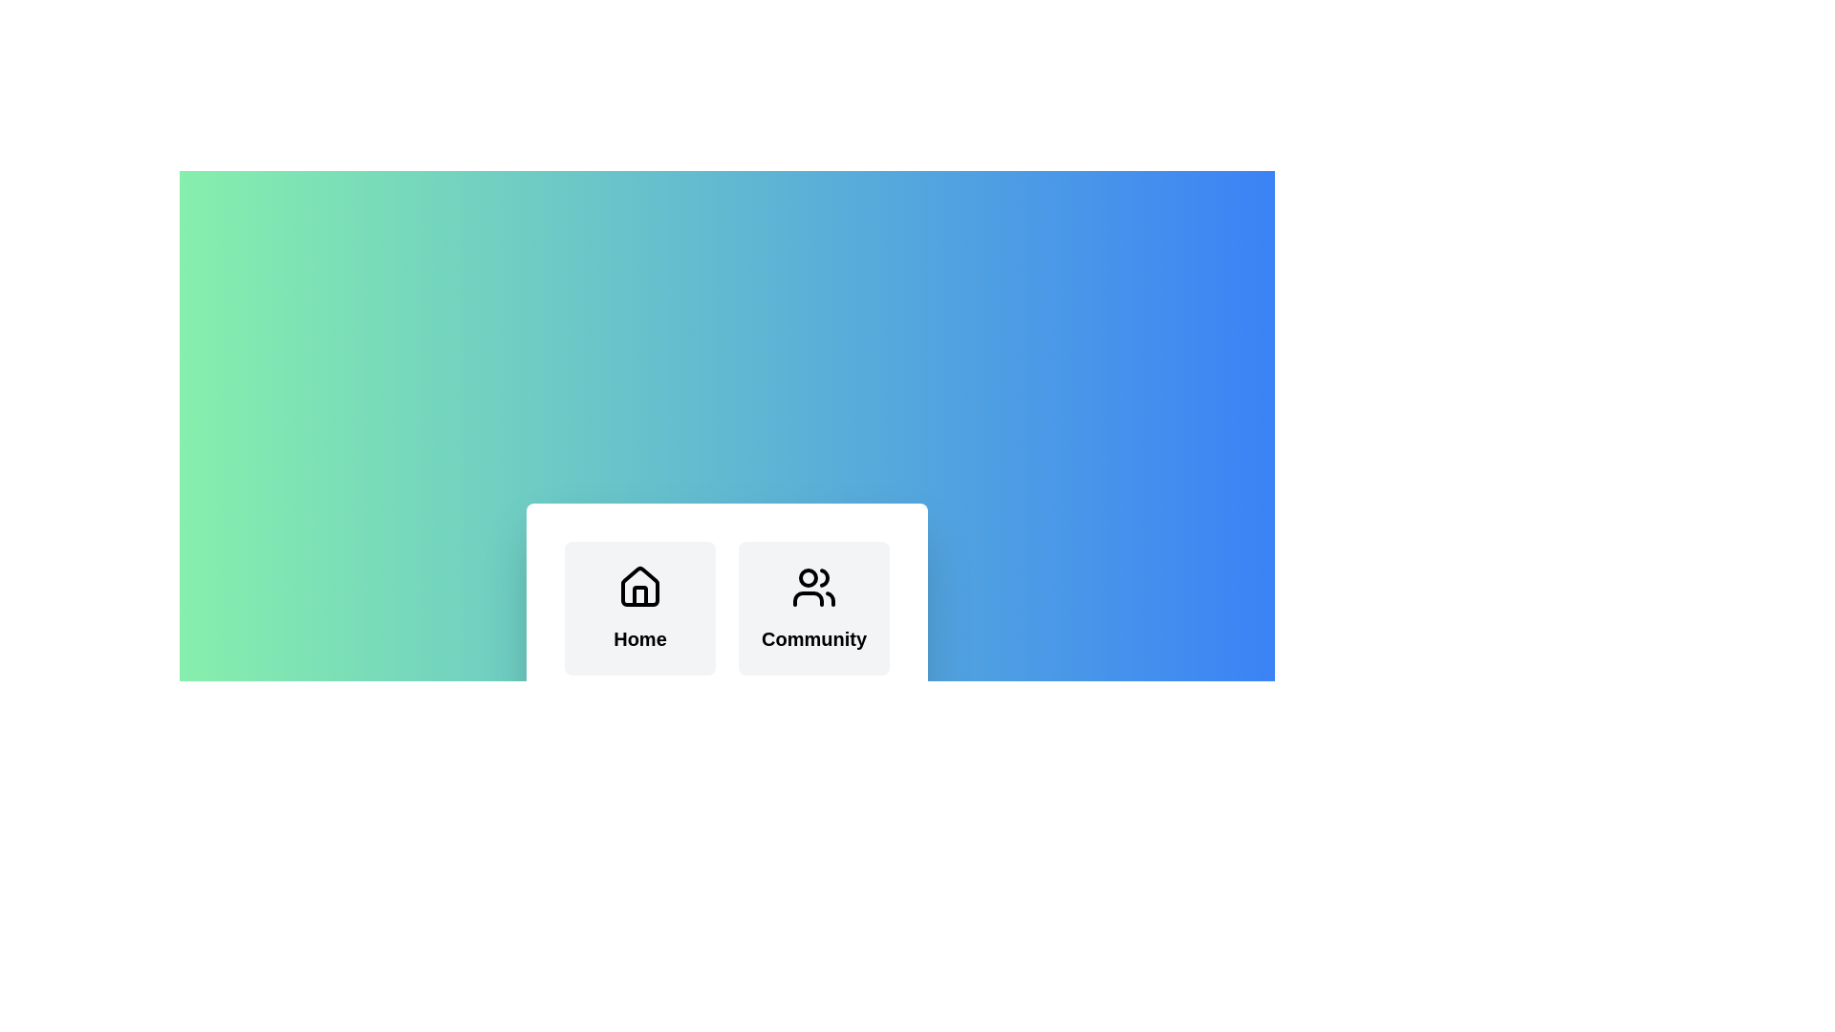 Image resolution: width=1835 pixels, height=1032 pixels. What do you see at coordinates (813, 608) in the screenshot?
I see `the community navigation button, which is the second item from the left in a 2-column grid layout` at bounding box center [813, 608].